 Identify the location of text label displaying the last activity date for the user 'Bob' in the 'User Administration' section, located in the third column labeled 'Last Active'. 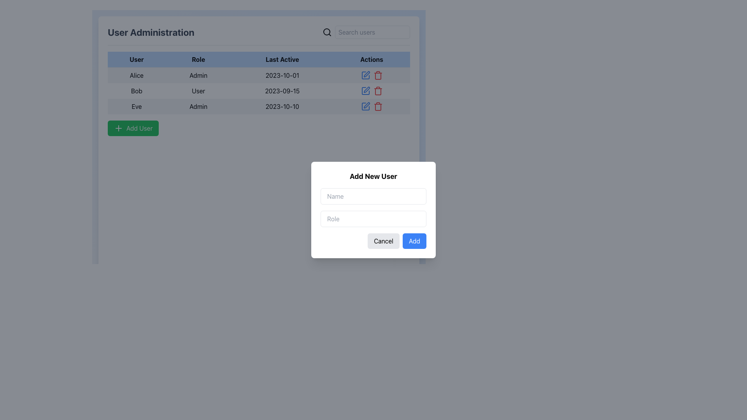
(282, 91).